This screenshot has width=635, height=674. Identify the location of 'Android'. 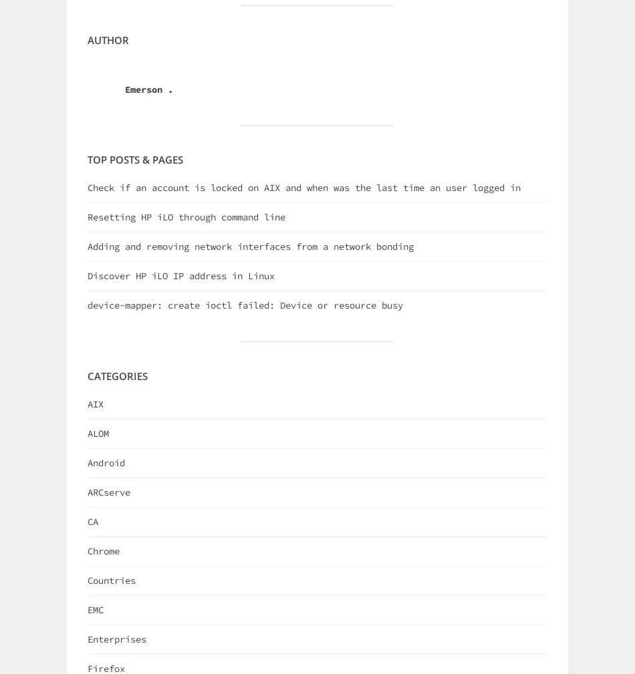
(106, 462).